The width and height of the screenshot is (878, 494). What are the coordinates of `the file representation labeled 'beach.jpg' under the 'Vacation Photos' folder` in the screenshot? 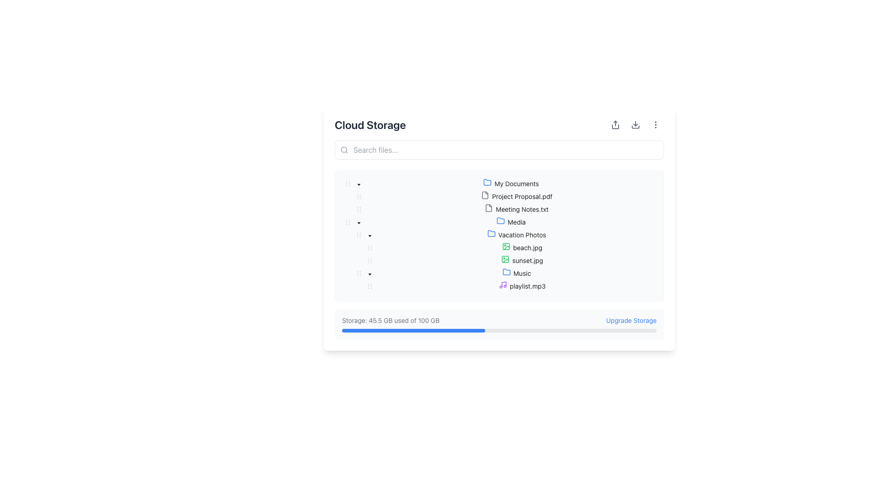 It's located at (522, 248).